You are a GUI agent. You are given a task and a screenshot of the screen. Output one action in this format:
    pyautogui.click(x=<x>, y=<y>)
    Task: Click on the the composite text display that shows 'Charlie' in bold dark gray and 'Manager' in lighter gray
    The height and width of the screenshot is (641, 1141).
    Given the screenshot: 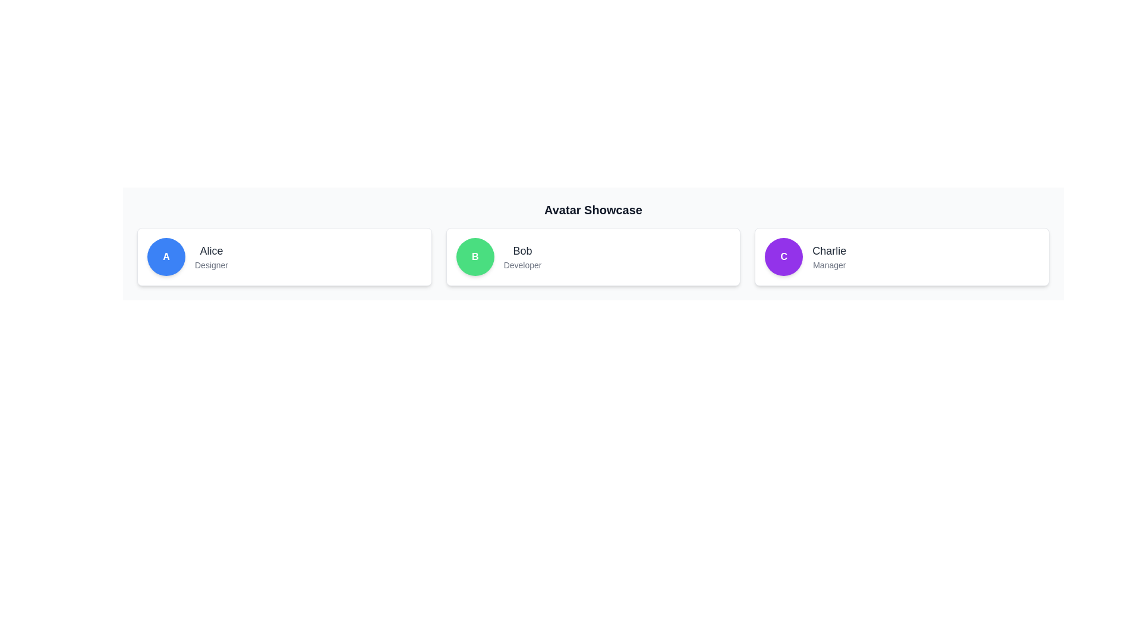 What is the action you would take?
    pyautogui.click(x=828, y=256)
    